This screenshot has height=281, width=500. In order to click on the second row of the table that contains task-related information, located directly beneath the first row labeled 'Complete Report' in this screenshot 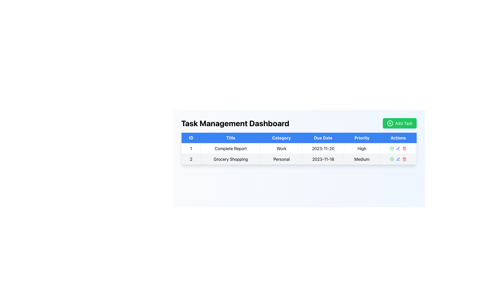, I will do `click(299, 159)`.